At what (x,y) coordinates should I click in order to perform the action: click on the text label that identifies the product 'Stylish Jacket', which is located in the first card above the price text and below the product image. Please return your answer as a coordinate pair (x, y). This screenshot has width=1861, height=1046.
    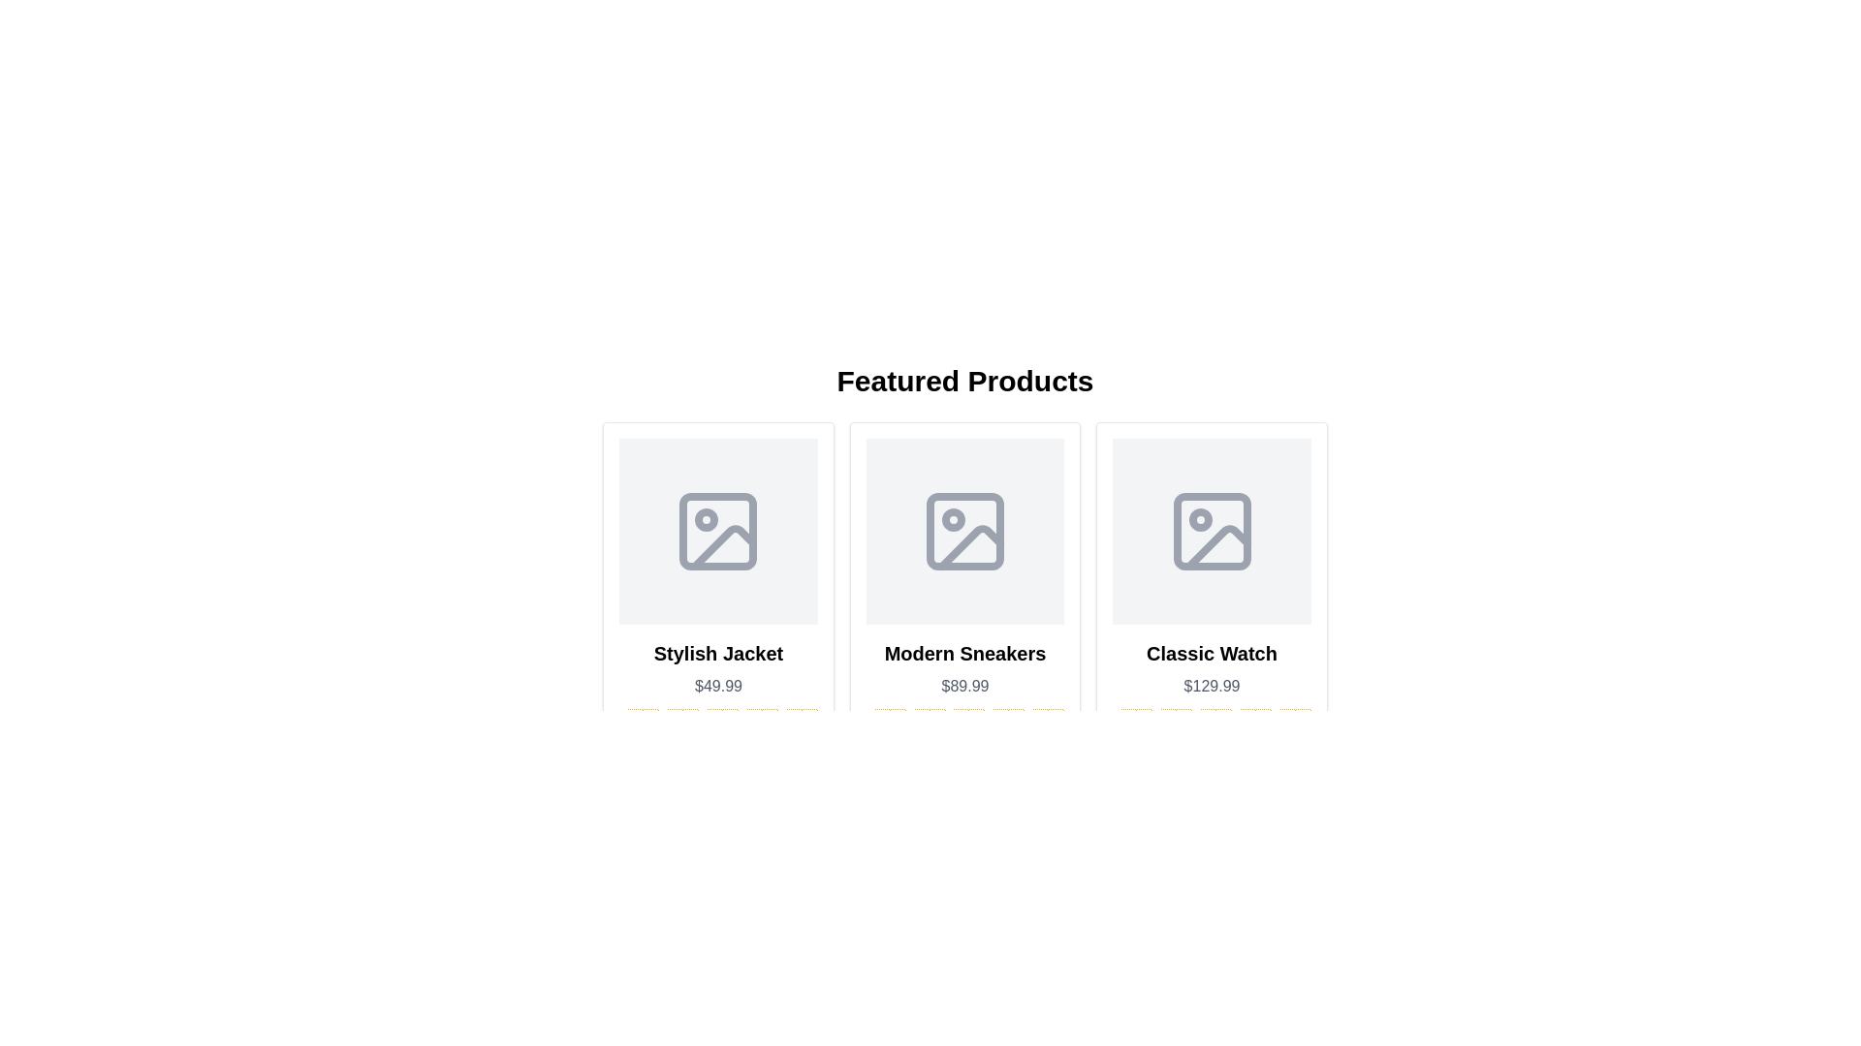
    Looking at the image, I should click on (717, 654).